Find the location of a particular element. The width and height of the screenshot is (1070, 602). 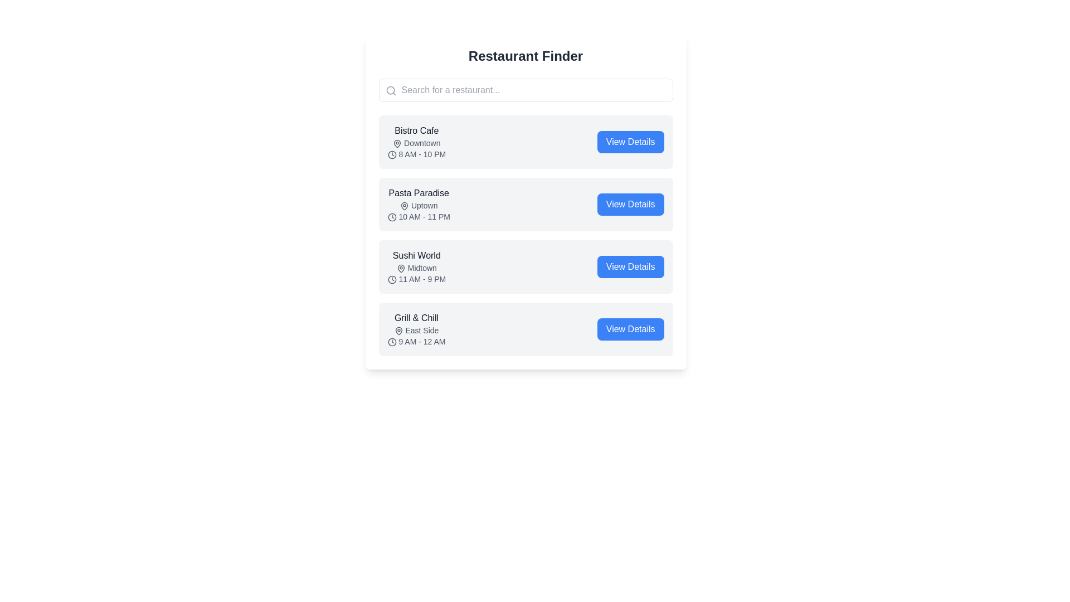

text '11 AM - 9 PM' displayed next to the clock icon in the 'Sushi World' restaurant card, which is located beneath the 'Midtown' text is located at coordinates (416, 279).